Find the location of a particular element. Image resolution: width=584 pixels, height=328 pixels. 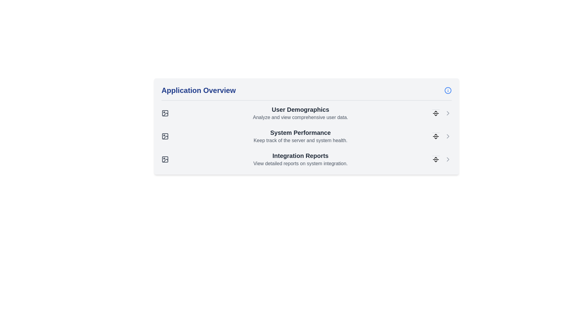

the clickable icon button located at the rightmost position of the 'User Demographics' section is located at coordinates (448, 113).